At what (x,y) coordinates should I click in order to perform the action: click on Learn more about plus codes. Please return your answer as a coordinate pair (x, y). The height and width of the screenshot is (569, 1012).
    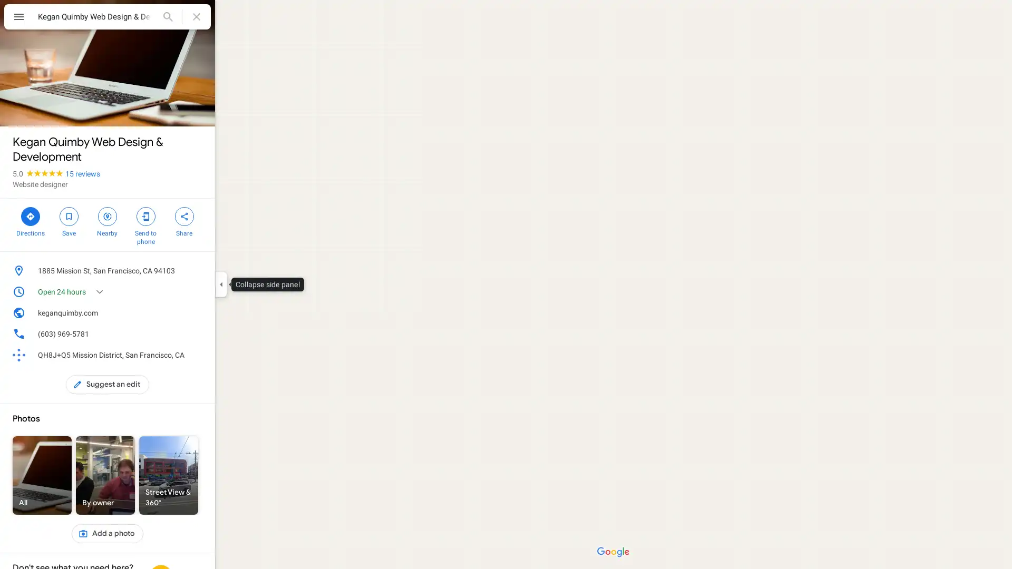
    Looking at the image, I should click on (197, 355).